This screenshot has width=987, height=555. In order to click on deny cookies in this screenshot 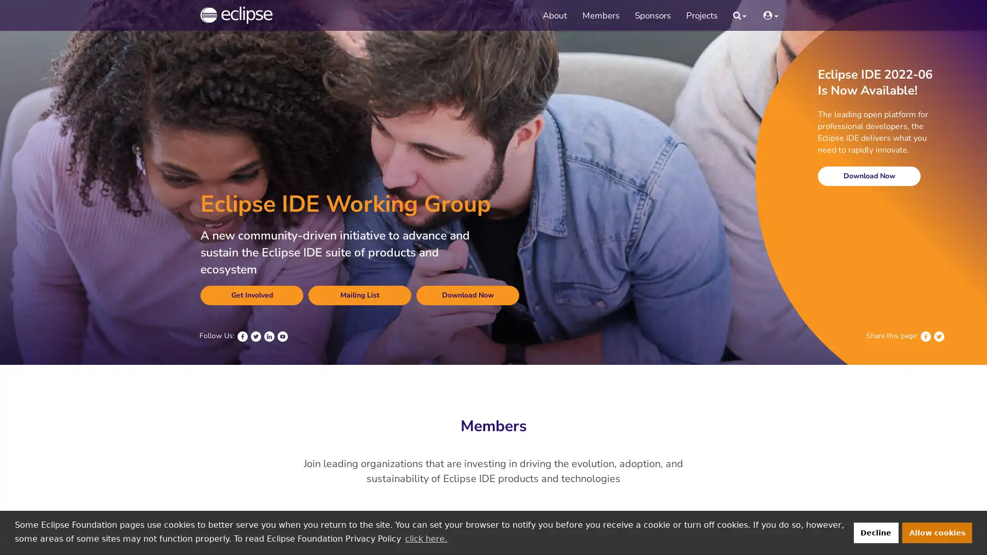, I will do `click(875, 532)`.